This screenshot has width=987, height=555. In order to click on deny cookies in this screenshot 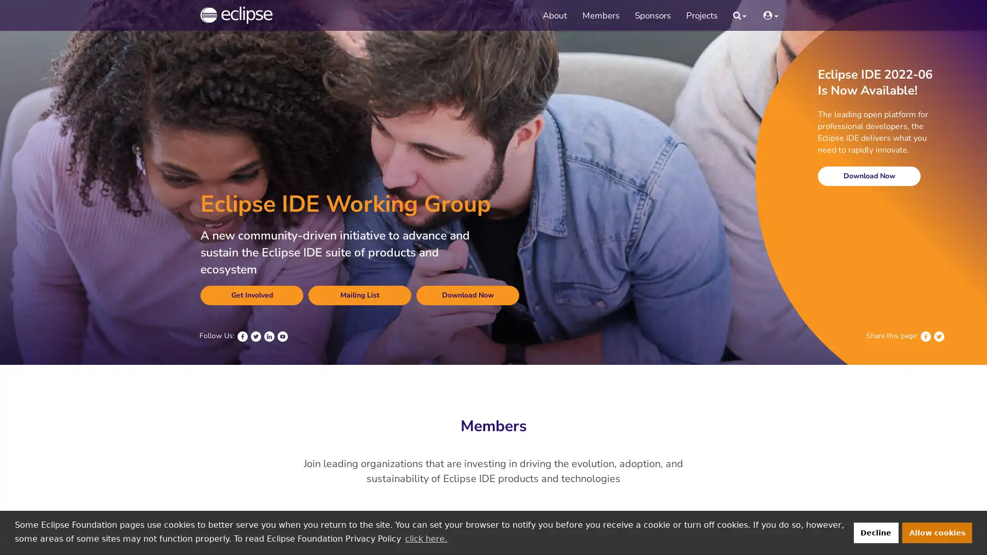, I will do `click(875, 532)`.